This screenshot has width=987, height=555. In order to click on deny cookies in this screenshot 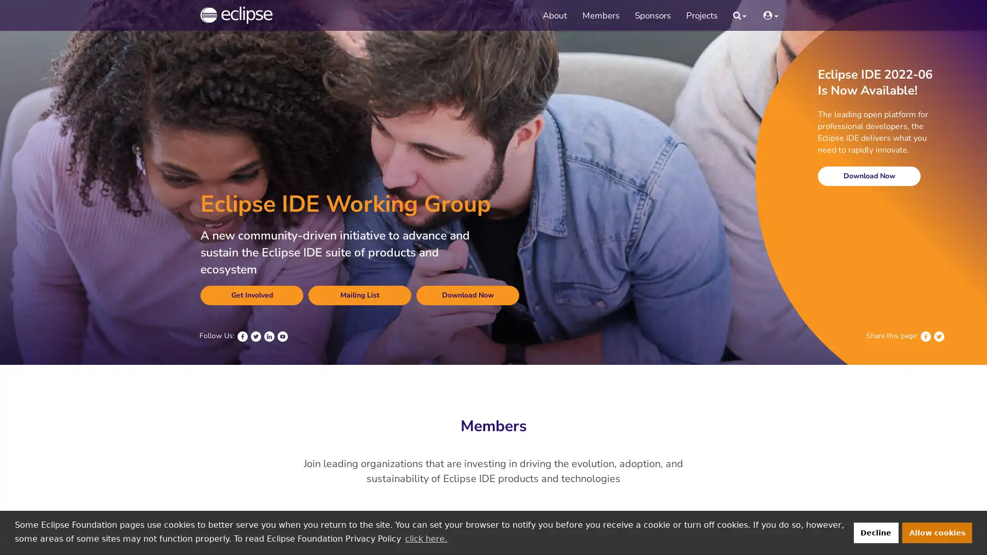, I will do `click(875, 532)`.